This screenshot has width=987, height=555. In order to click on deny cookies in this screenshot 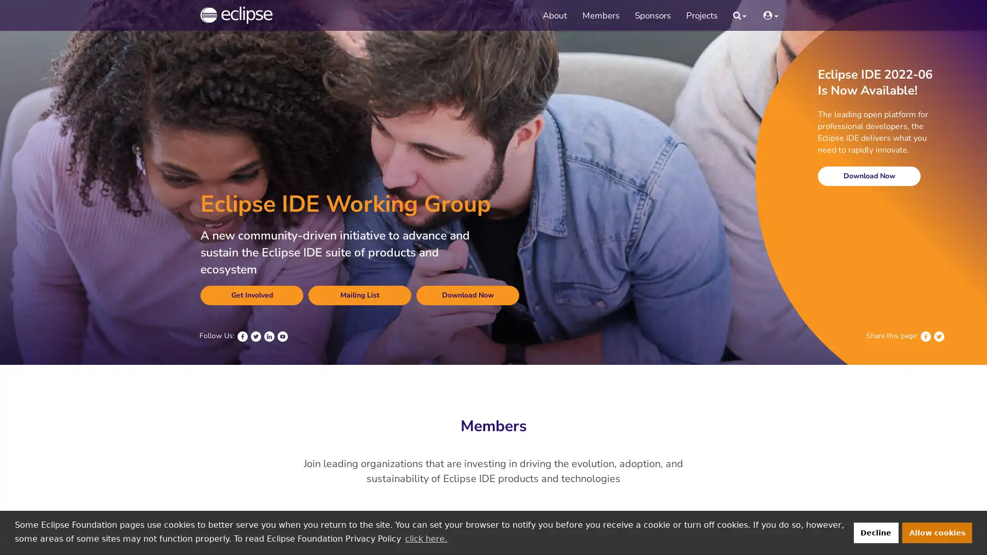, I will do `click(875, 532)`.